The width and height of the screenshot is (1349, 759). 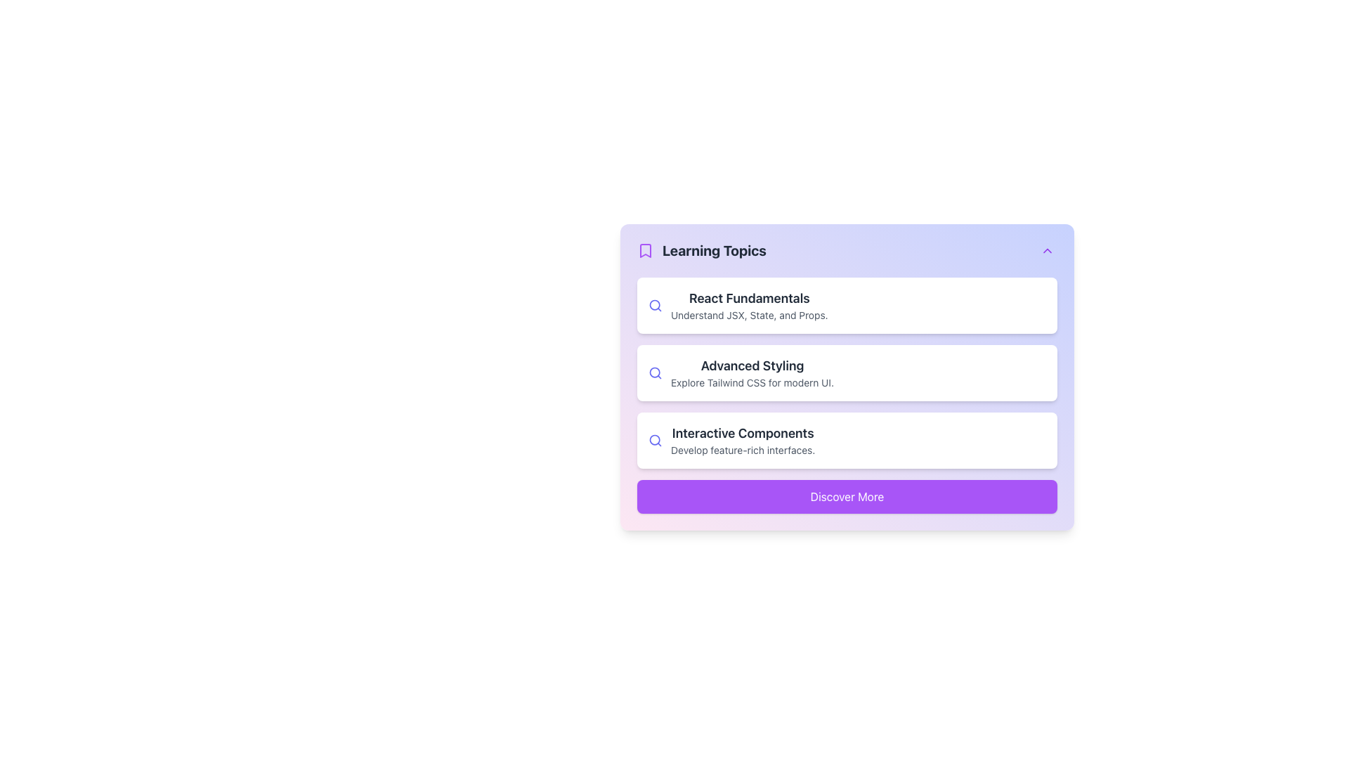 I want to click on the indigo magnifying glass icon, which represents the search functionality, located to the left of the 'Interactive Components' text in the 'Learning Topics' card, so click(x=654, y=440).